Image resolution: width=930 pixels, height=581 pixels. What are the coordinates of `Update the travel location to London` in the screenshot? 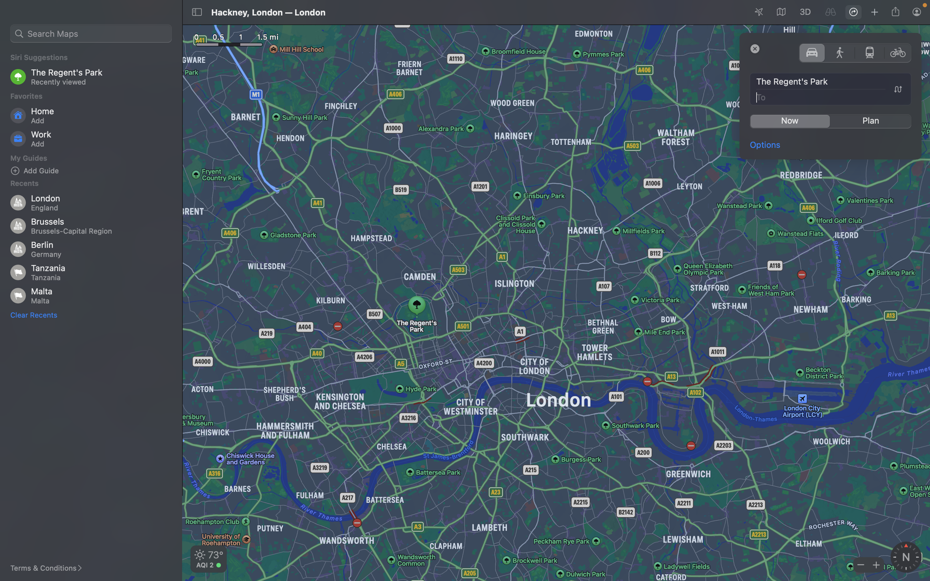 It's located at (831, 96).